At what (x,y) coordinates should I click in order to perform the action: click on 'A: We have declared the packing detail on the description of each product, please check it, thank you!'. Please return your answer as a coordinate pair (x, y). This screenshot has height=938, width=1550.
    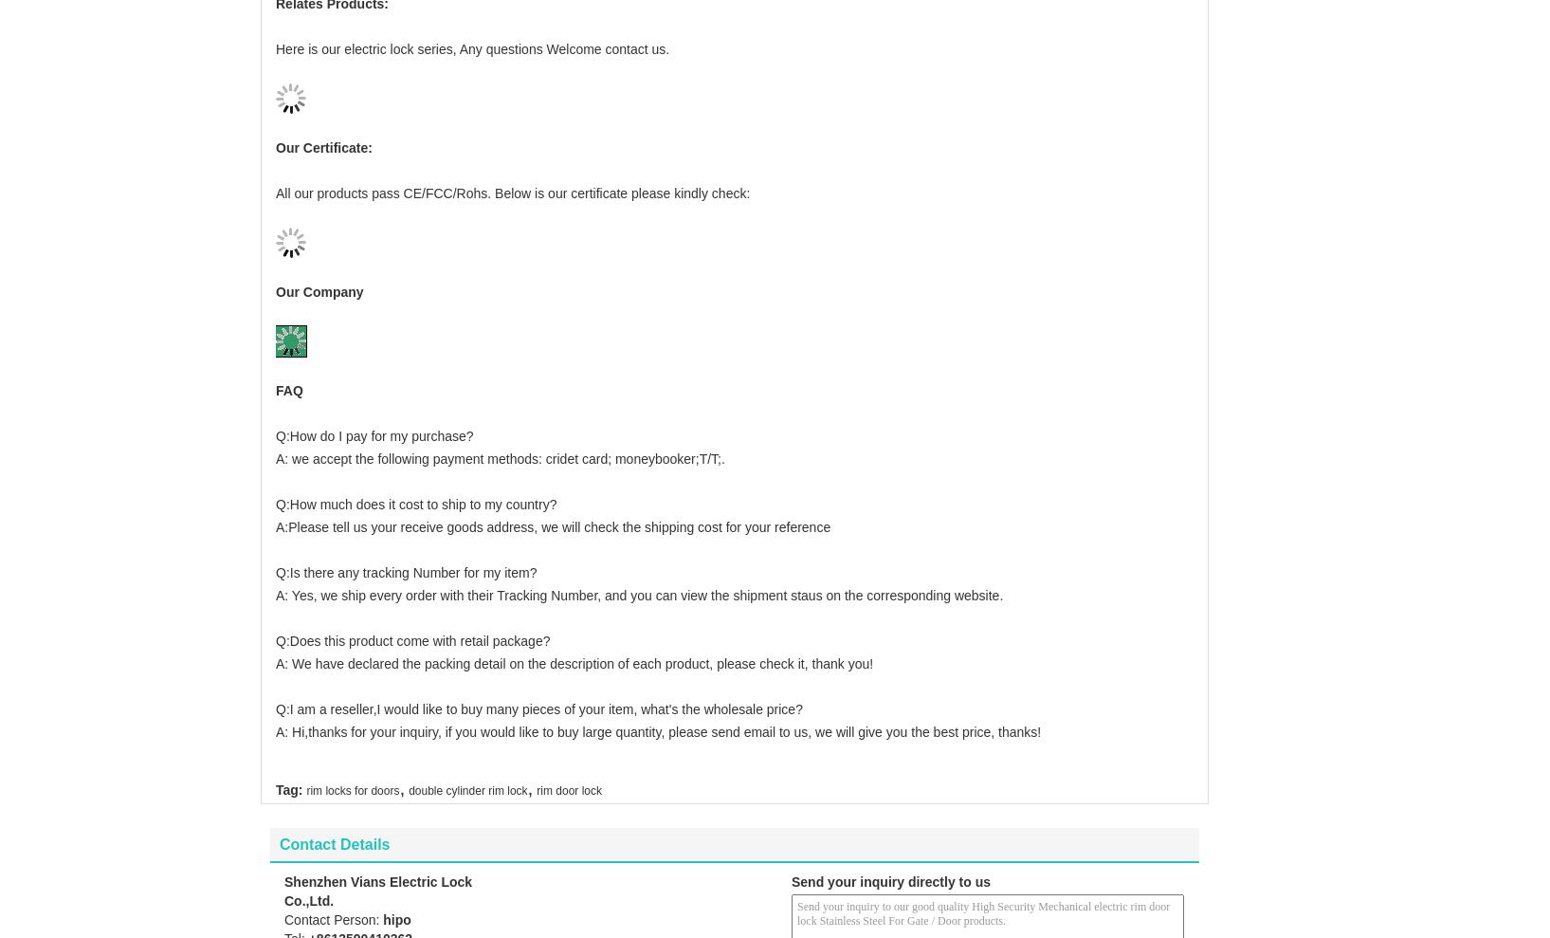
    Looking at the image, I should click on (573, 632).